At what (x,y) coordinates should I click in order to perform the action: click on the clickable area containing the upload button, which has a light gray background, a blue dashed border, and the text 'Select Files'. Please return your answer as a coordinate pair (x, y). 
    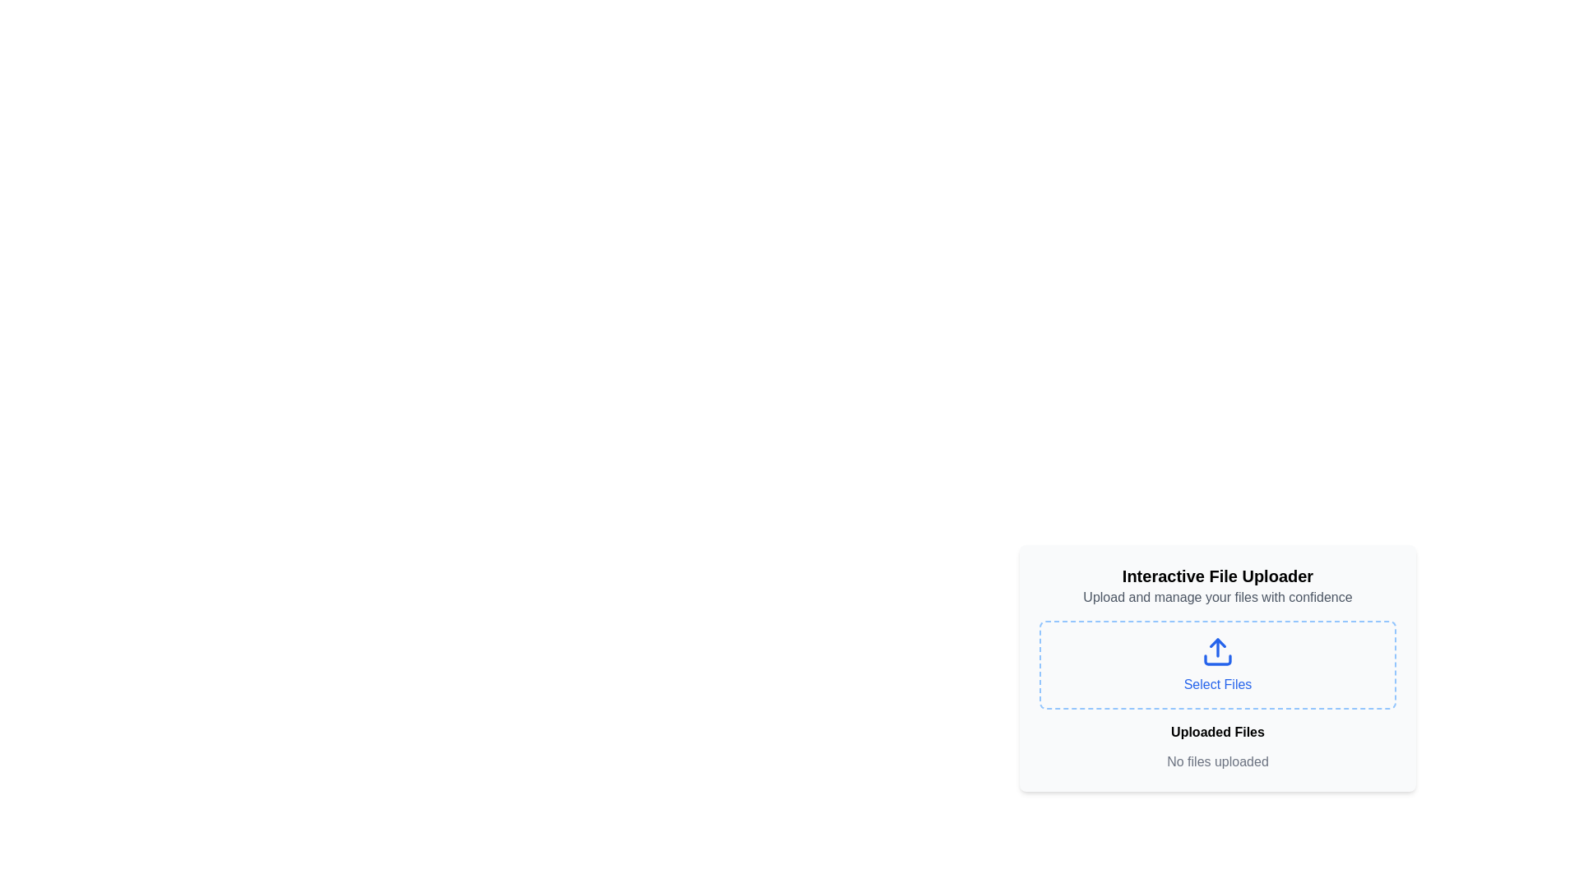
    Looking at the image, I should click on (1218, 668).